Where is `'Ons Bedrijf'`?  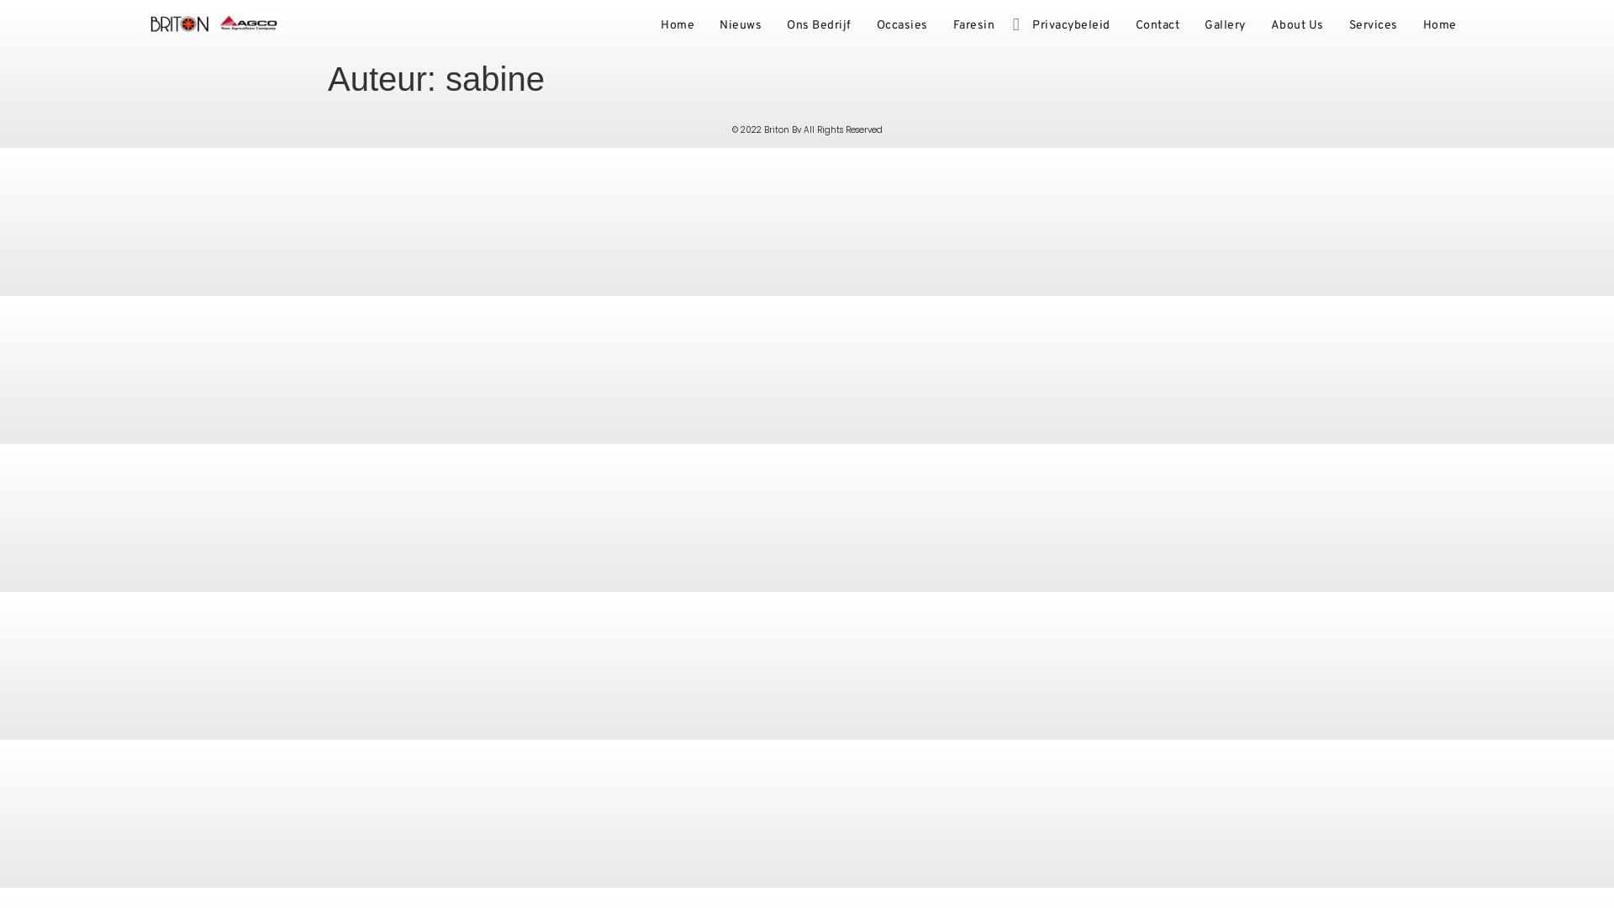
'Ons Bedrijf' is located at coordinates (773, 25).